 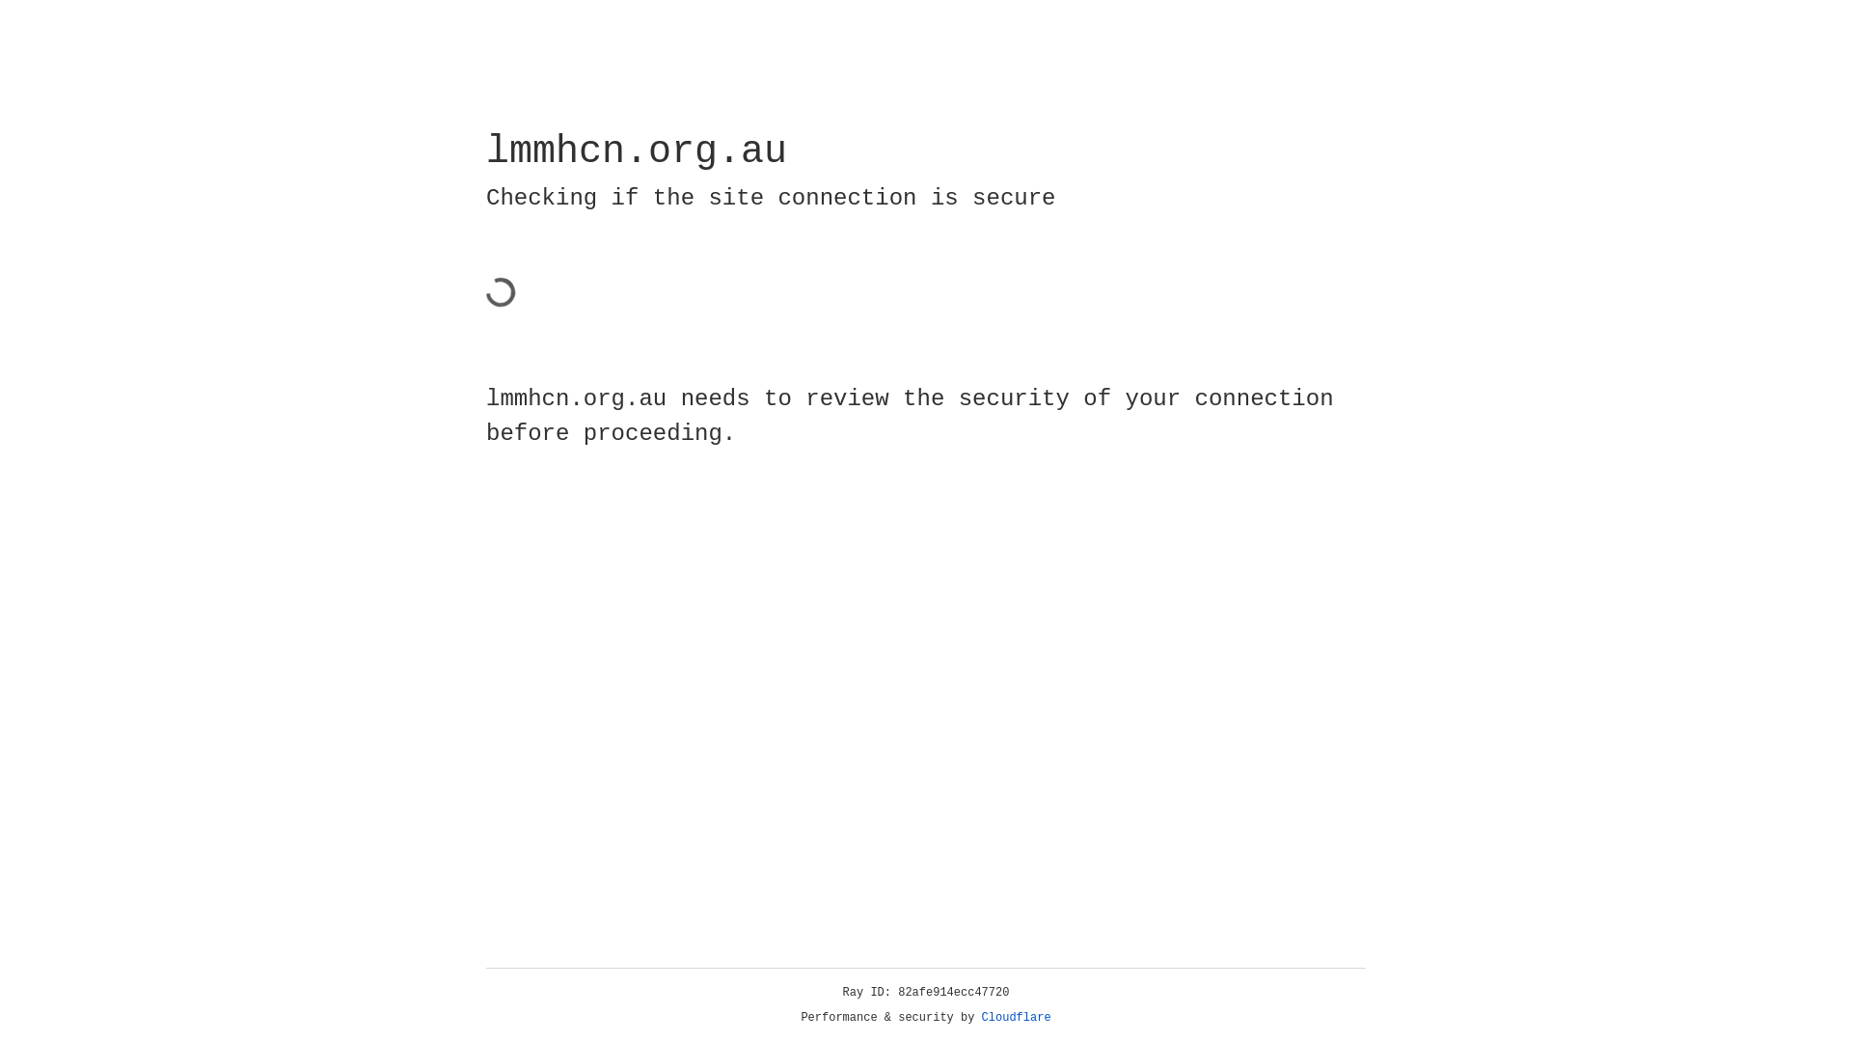 What do you see at coordinates (1016, 1017) in the screenshot?
I see `'Cloudflare'` at bounding box center [1016, 1017].